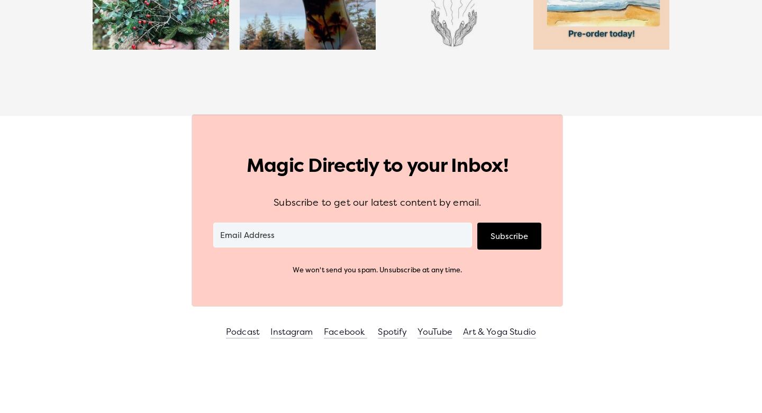 The height and width of the screenshot is (413, 762). I want to click on 'Magic Directly to your Inbox!', so click(377, 164).